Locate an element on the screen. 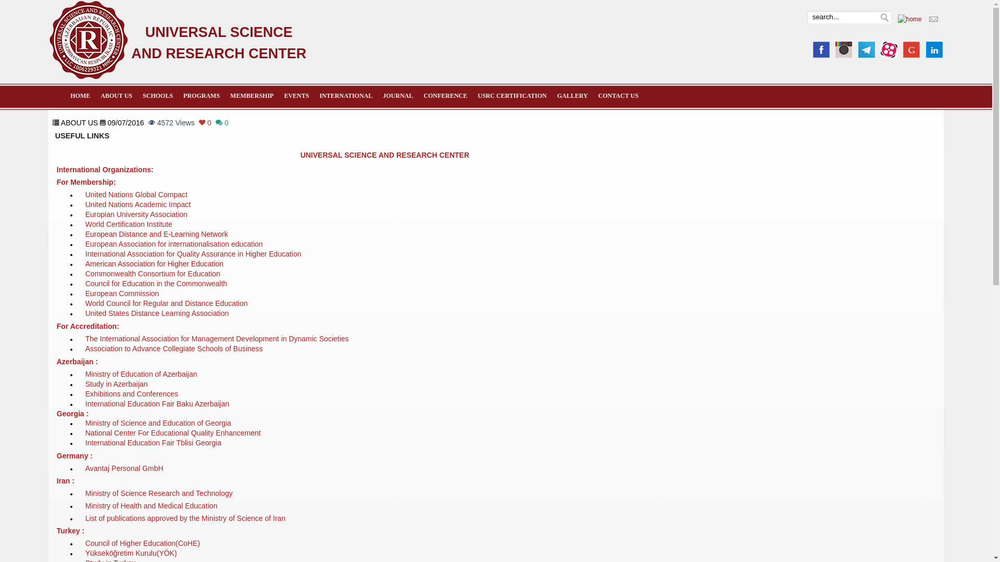  'home' is located at coordinates (897, 19).